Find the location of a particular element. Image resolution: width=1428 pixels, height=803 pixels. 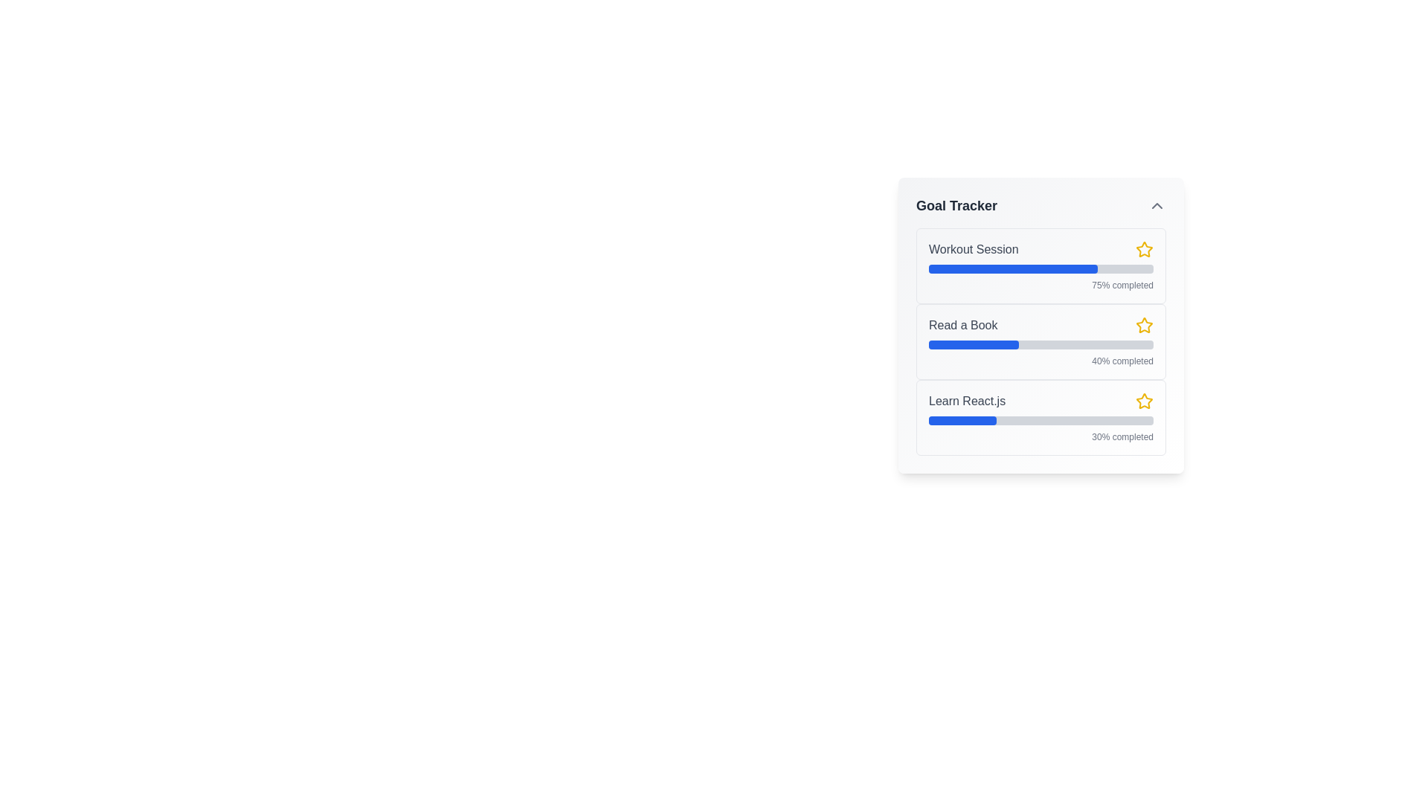

the third progress bar under the 'Goal Tracker' section, which indicates progress towards the goal 'Learn React.js' is located at coordinates (1041, 421).